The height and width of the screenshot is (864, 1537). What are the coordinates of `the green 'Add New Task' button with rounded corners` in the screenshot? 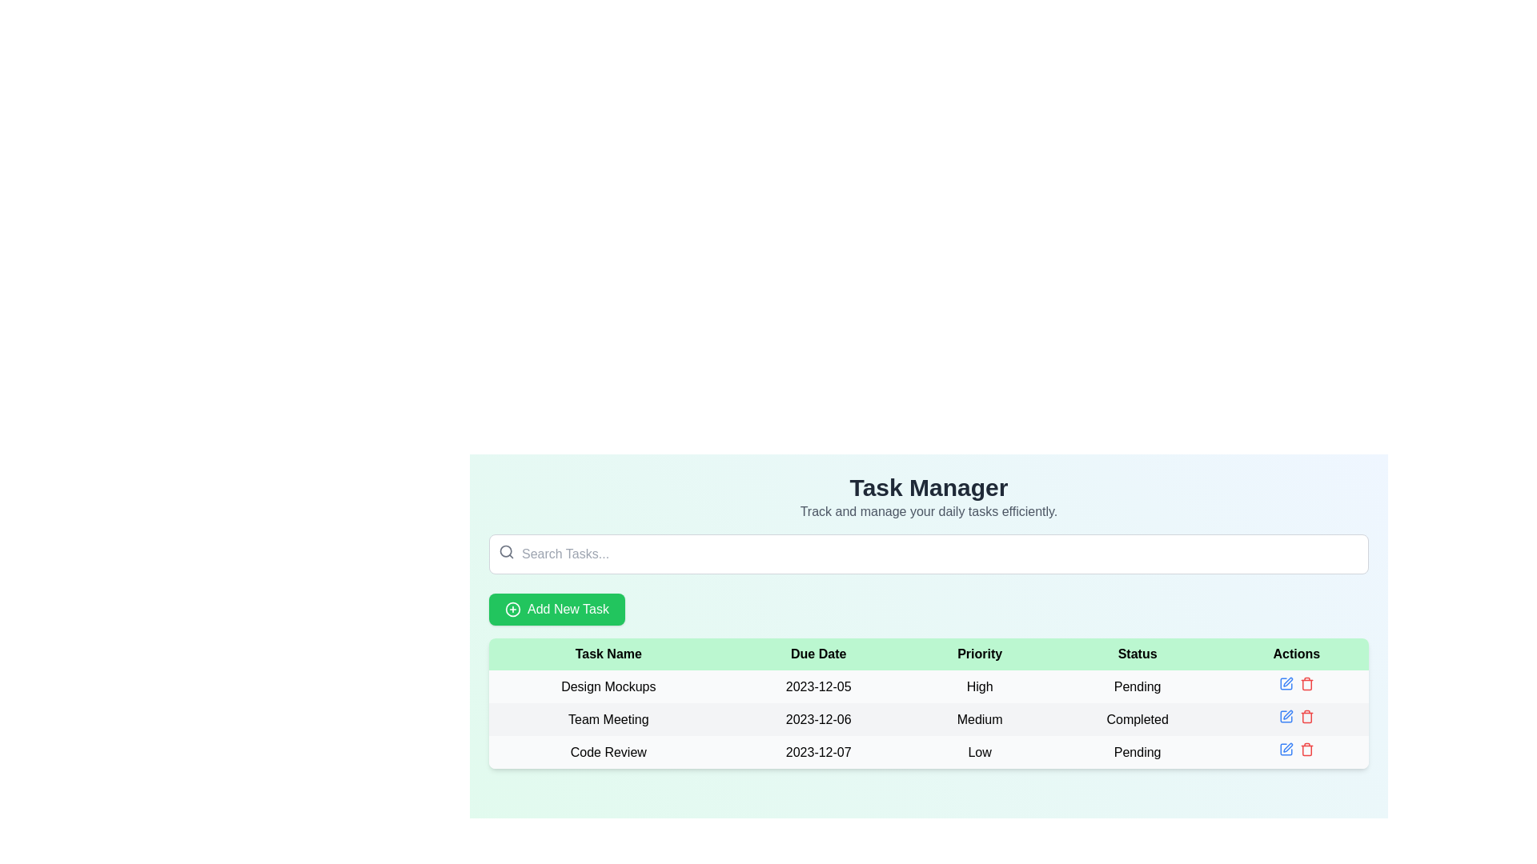 It's located at (557, 610).